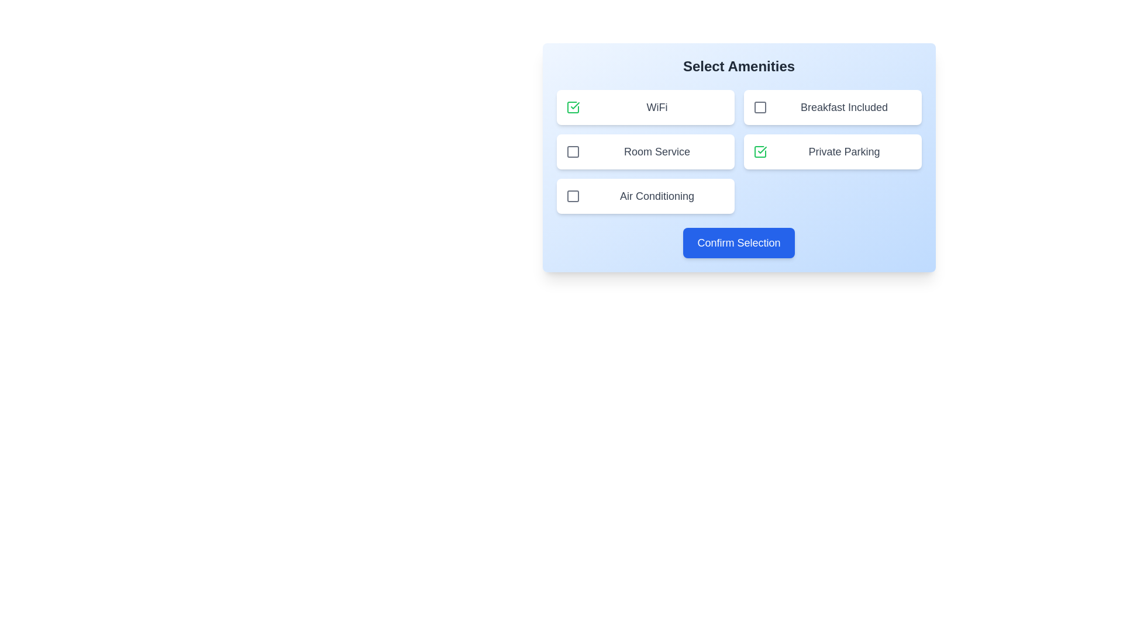 The width and height of the screenshot is (1123, 631). Describe the element at coordinates (645, 151) in the screenshot. I see `the checkbox labeled 'Room Service'` at that location.